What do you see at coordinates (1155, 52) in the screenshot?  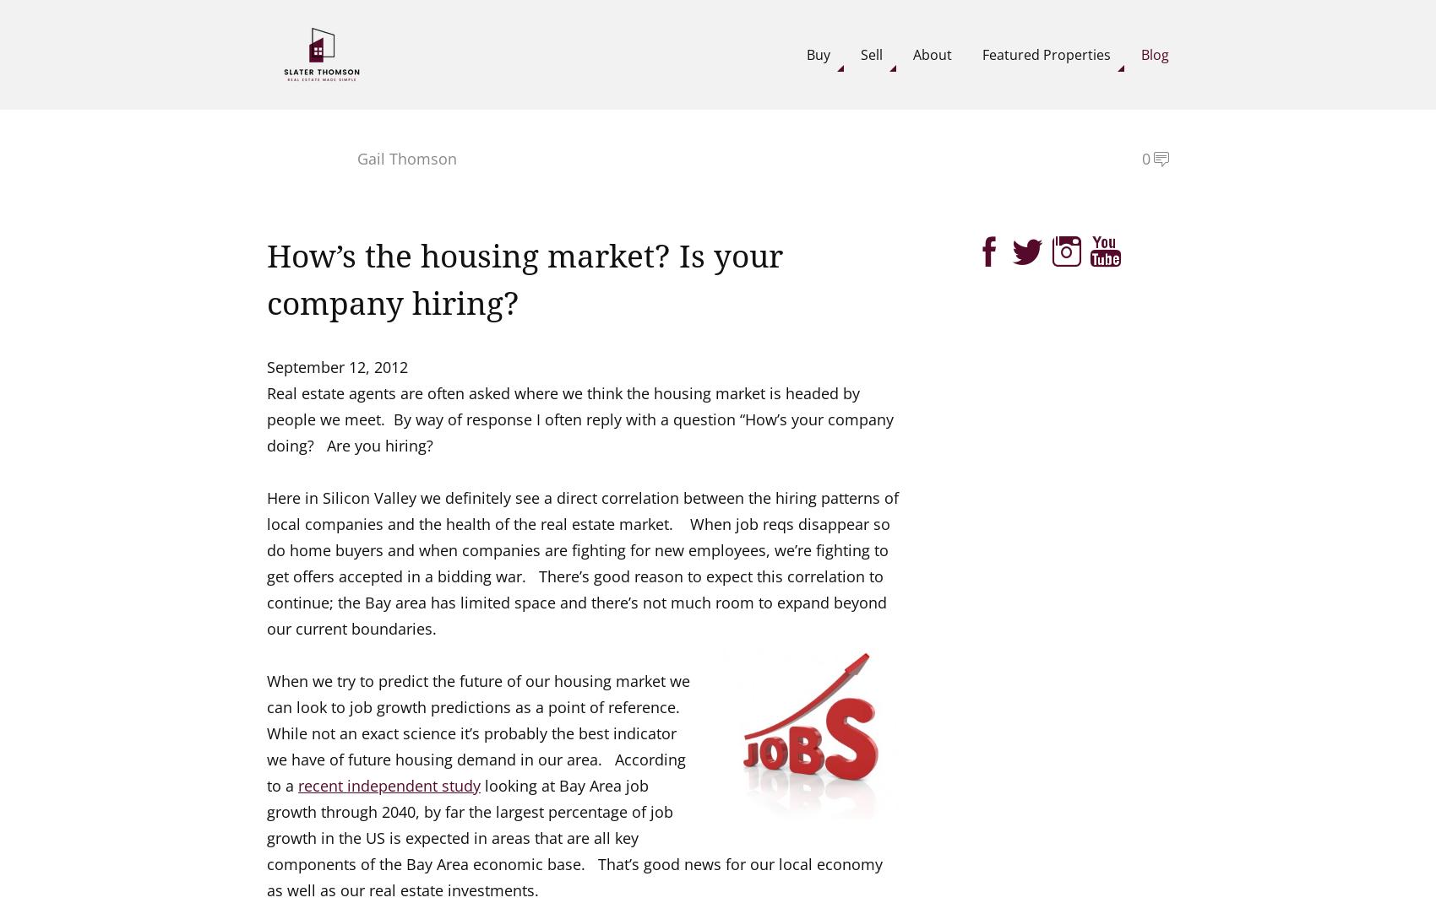 I see `'Blog'` at bounding box center [1155, 52].